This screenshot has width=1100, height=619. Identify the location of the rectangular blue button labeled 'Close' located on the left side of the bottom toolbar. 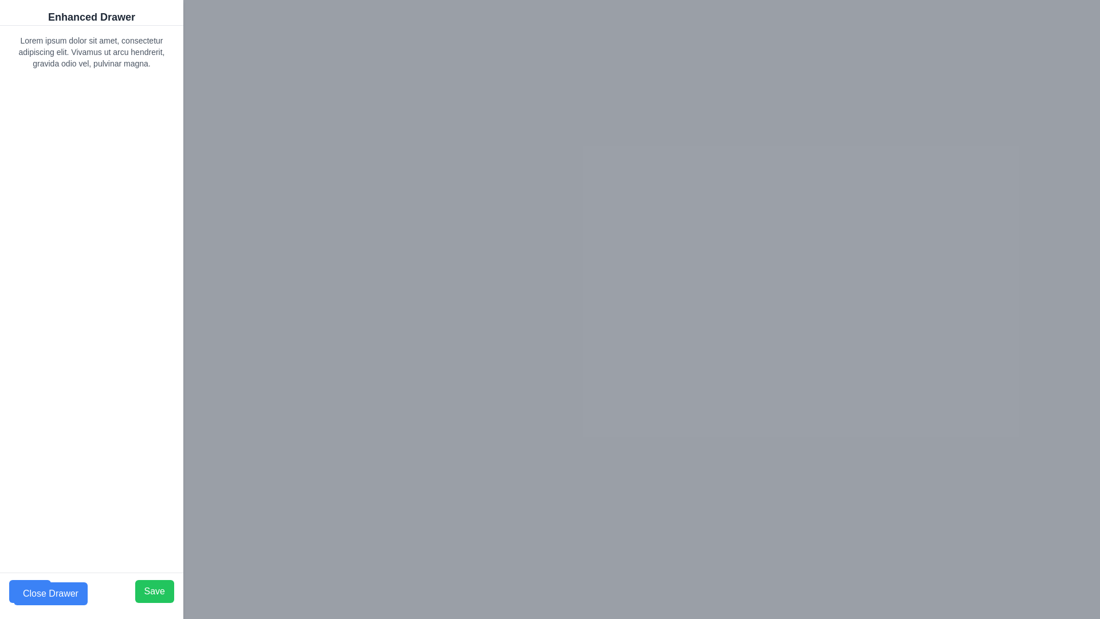
(30, 591).